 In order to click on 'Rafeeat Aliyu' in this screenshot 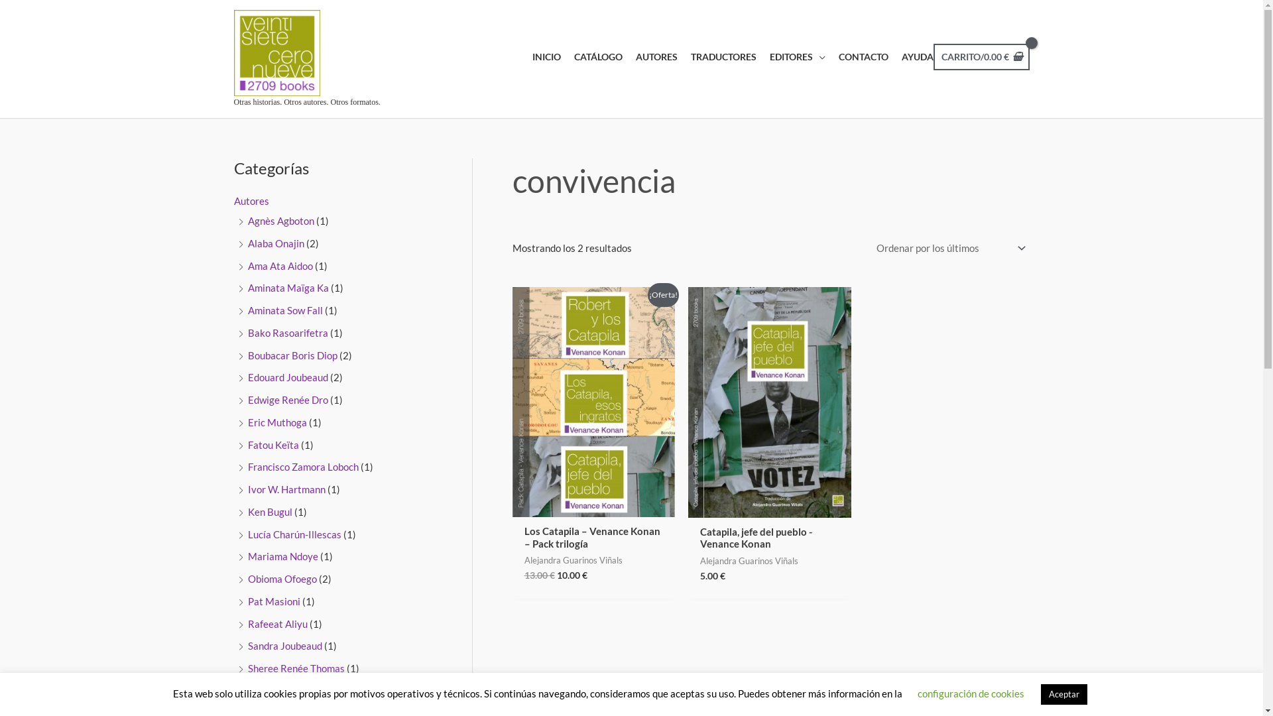, I will do `click(248, 624)`.